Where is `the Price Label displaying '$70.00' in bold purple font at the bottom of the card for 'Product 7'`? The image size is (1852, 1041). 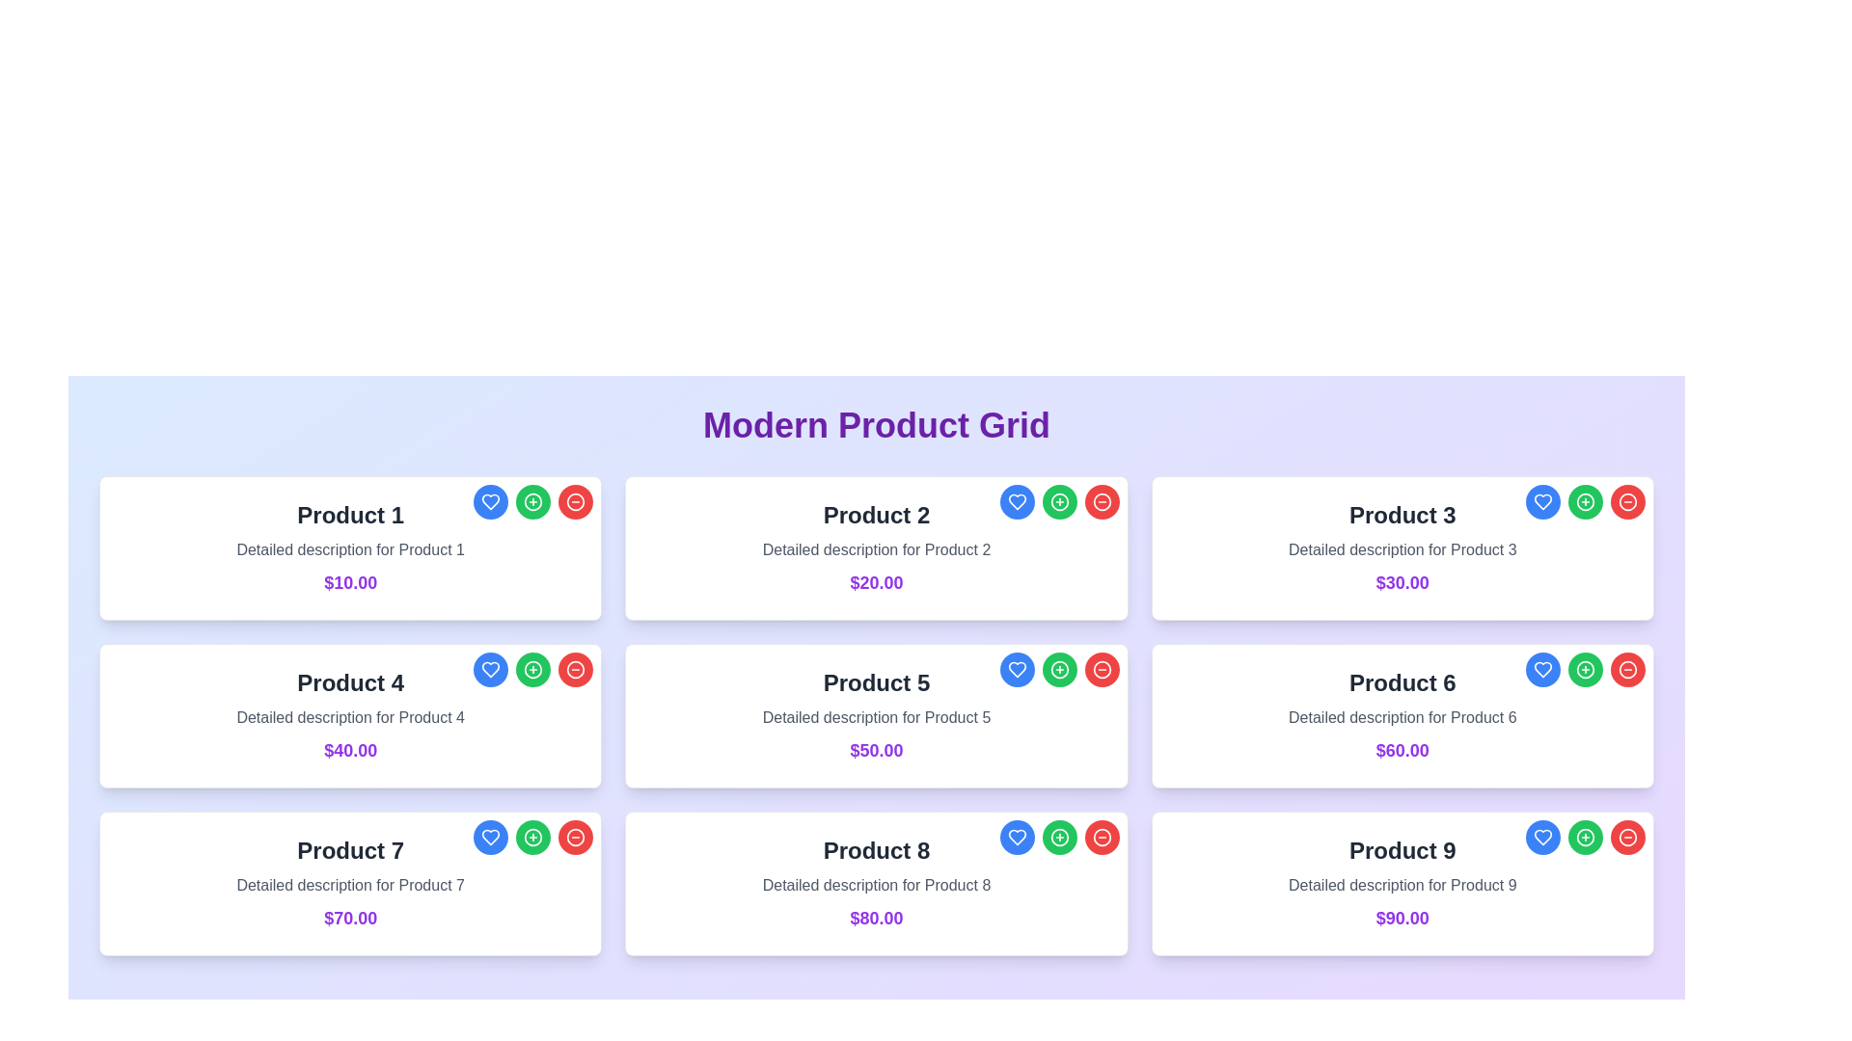 the Price Label displaying '$70.00' in bold purple font at the bottom of the card for 'Product 7' is located at coordinates (350, 917).